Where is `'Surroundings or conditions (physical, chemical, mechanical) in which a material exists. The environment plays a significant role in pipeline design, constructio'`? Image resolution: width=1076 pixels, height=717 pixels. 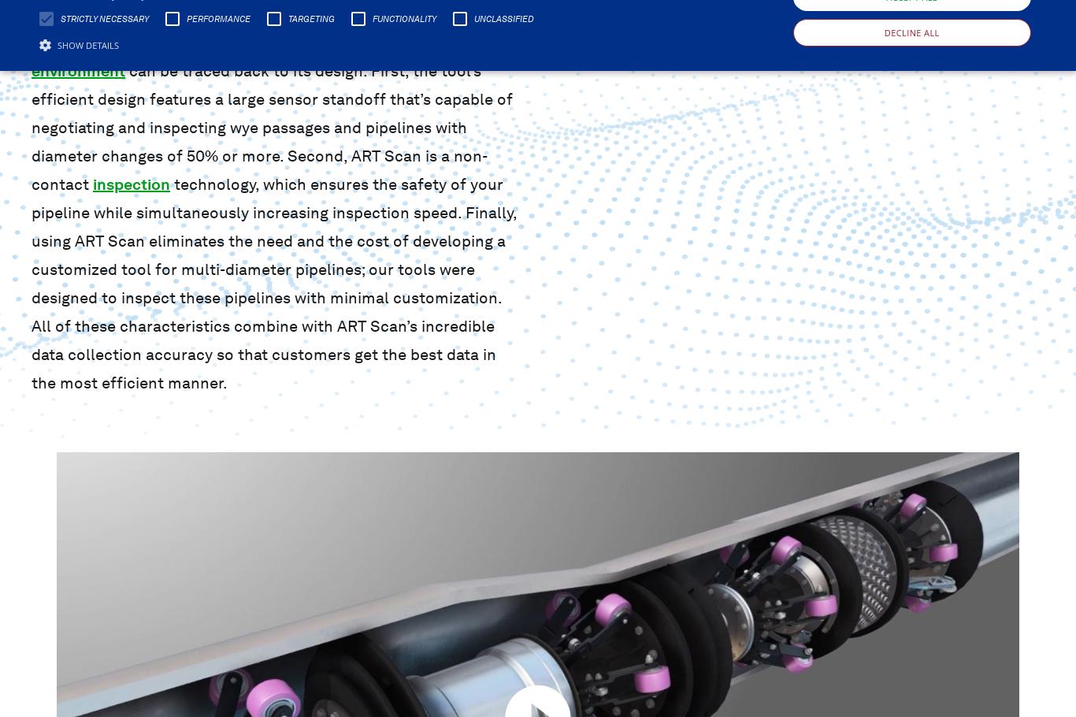 'Surroundings or conditions (physical, chemical, mechanical) in which a material exists. The environment plays a significant role in pipeline design, constructio' is located at coordinates (37, 121).